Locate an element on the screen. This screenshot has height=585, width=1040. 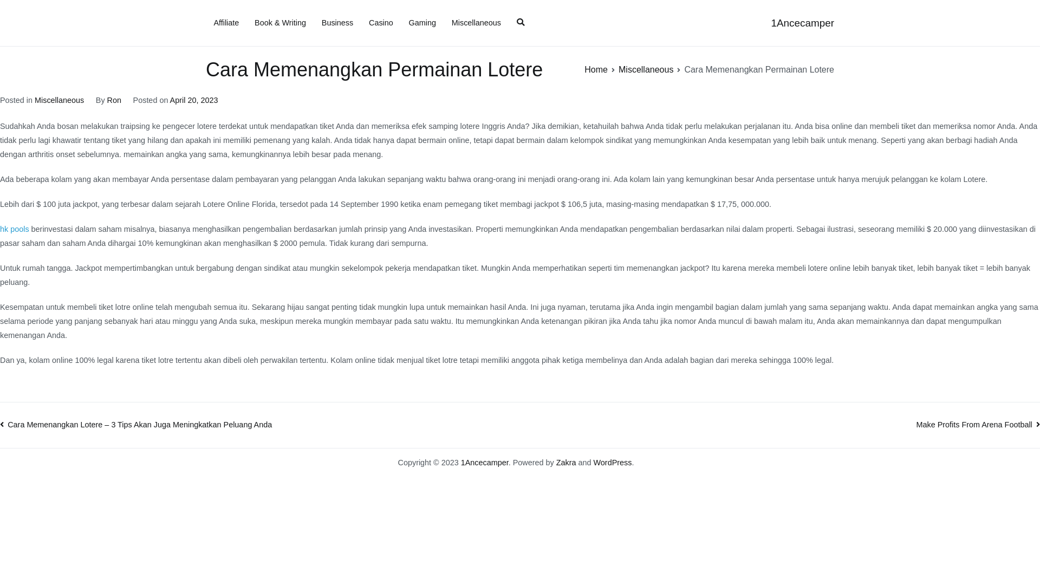
'Zakra' is located at coordinates (565, 462).